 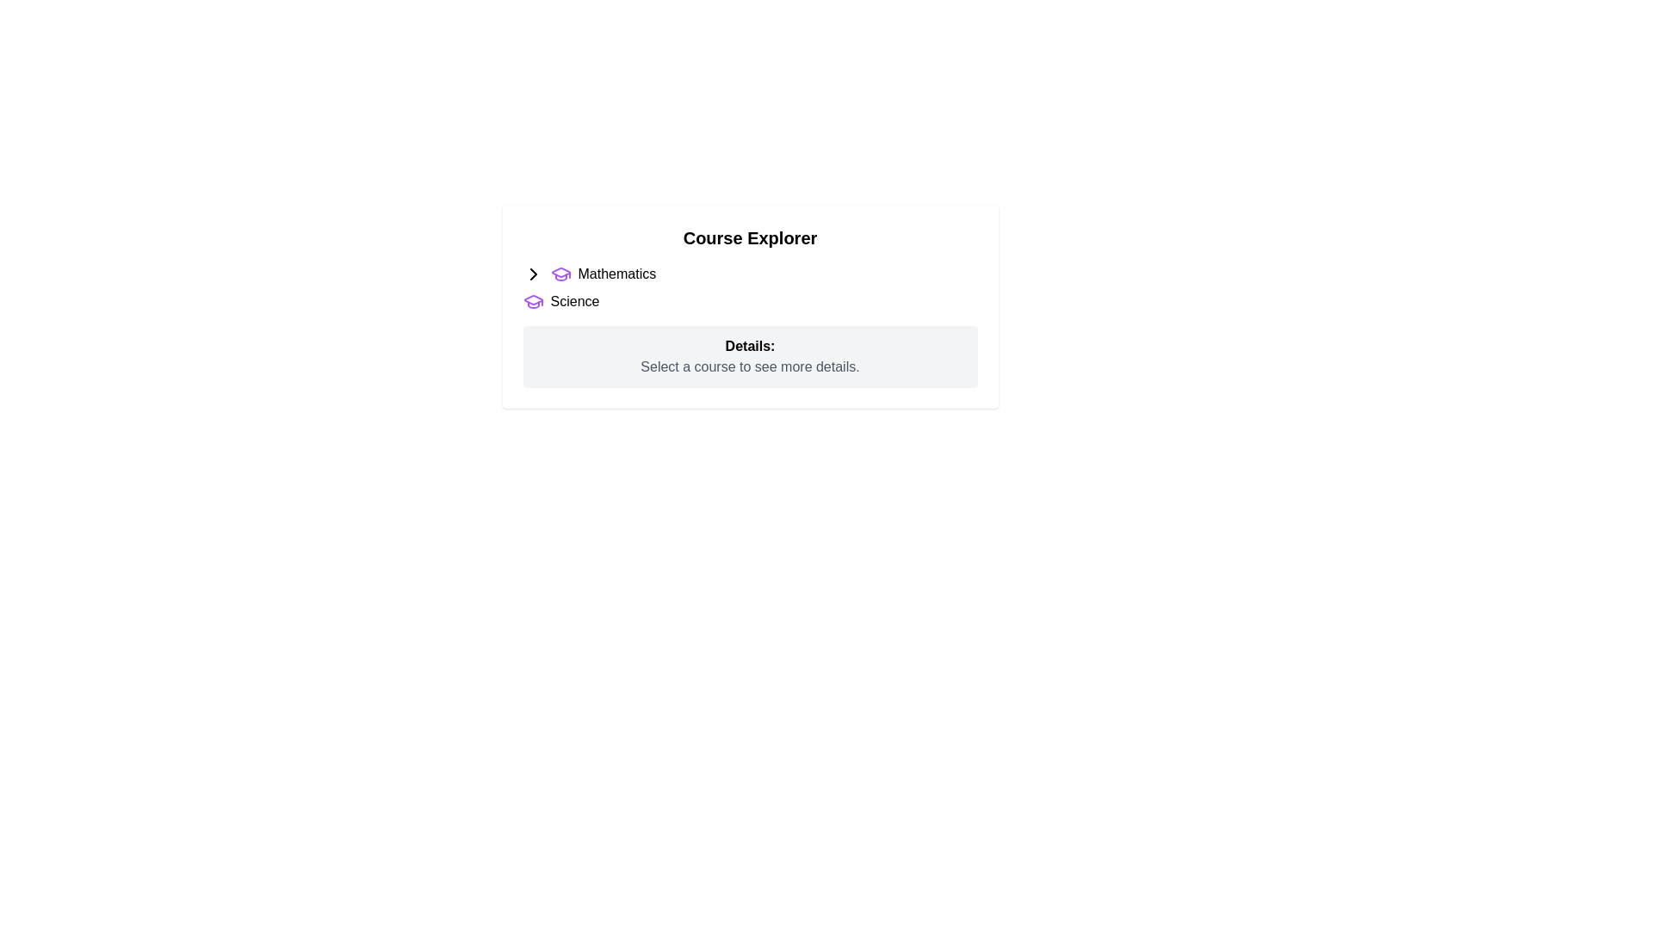 What do you see at coordinates (750, 346) in the screenshot?
I see `the bold, black text label reading 'Details:' which is located in a light gray, rounded rectangle towards the bottom of the main content section` at bounding box center [750, 346].